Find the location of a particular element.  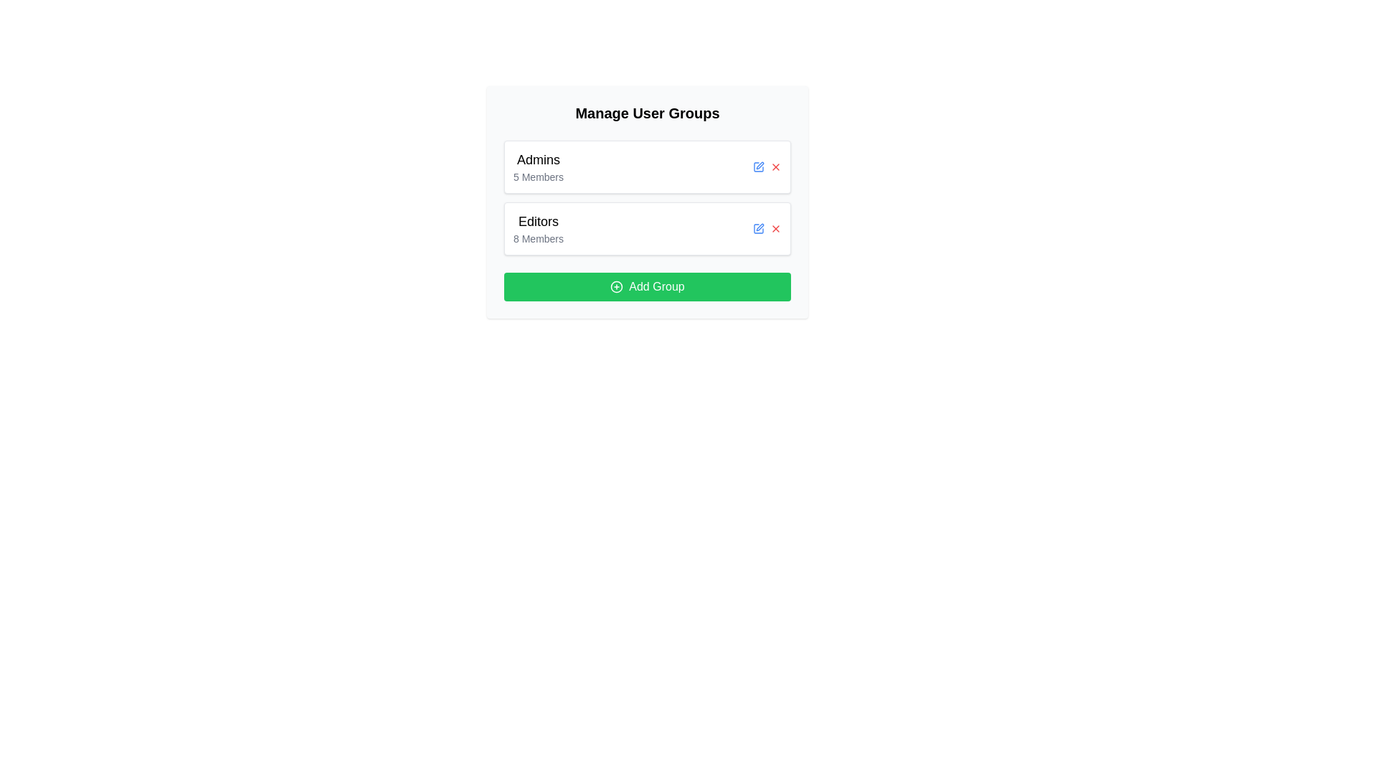

the 'Editors' user group label which indicates there are 8 members, positioned in the second row of user groups below 'Admins' and above the 'Add Group' button is located at coordinates (538, 228).